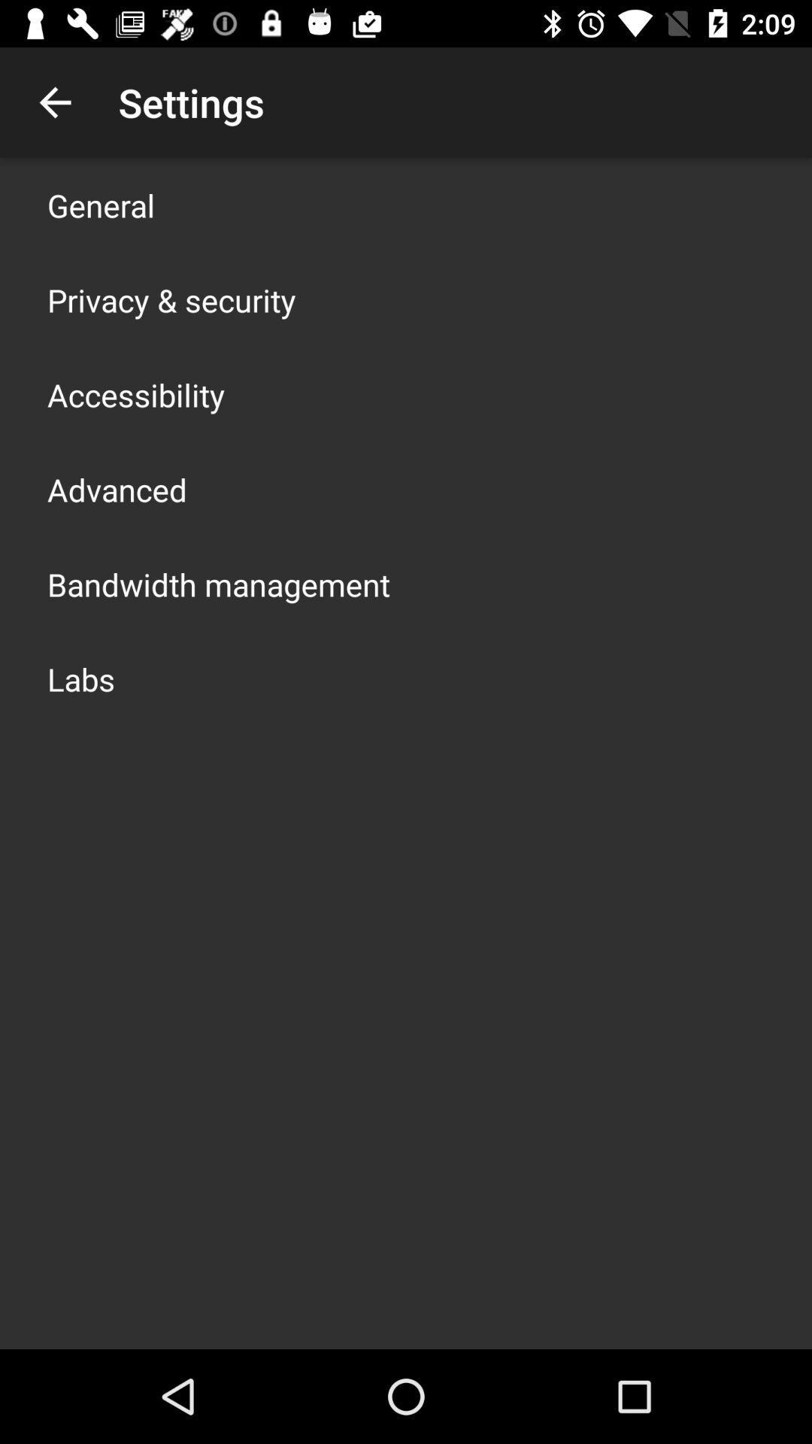 The width and height of the screenshot is (812, 1444). Describe the element at coordinates (101, 205) in the screenshot. I see `general app` at that location.